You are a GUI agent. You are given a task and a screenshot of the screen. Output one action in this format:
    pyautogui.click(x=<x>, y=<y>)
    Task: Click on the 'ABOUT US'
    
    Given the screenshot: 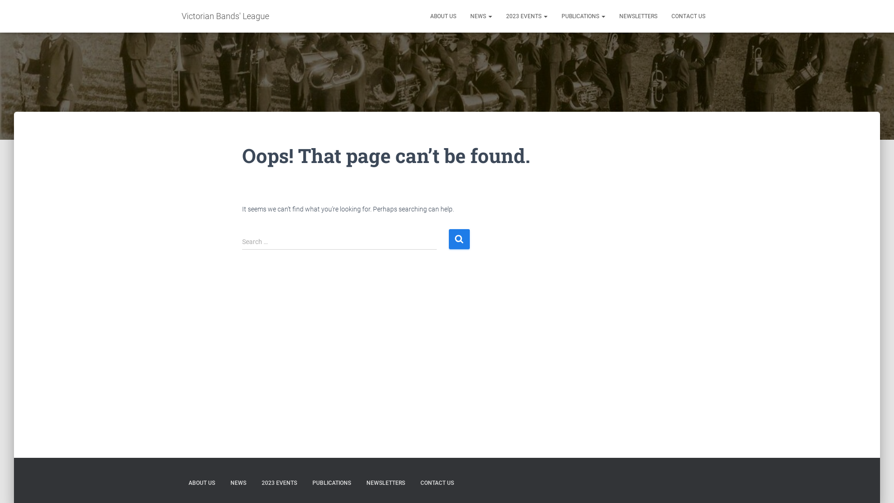 What is the action you would take?
    pyautogui.click(x=201, y=483)
    